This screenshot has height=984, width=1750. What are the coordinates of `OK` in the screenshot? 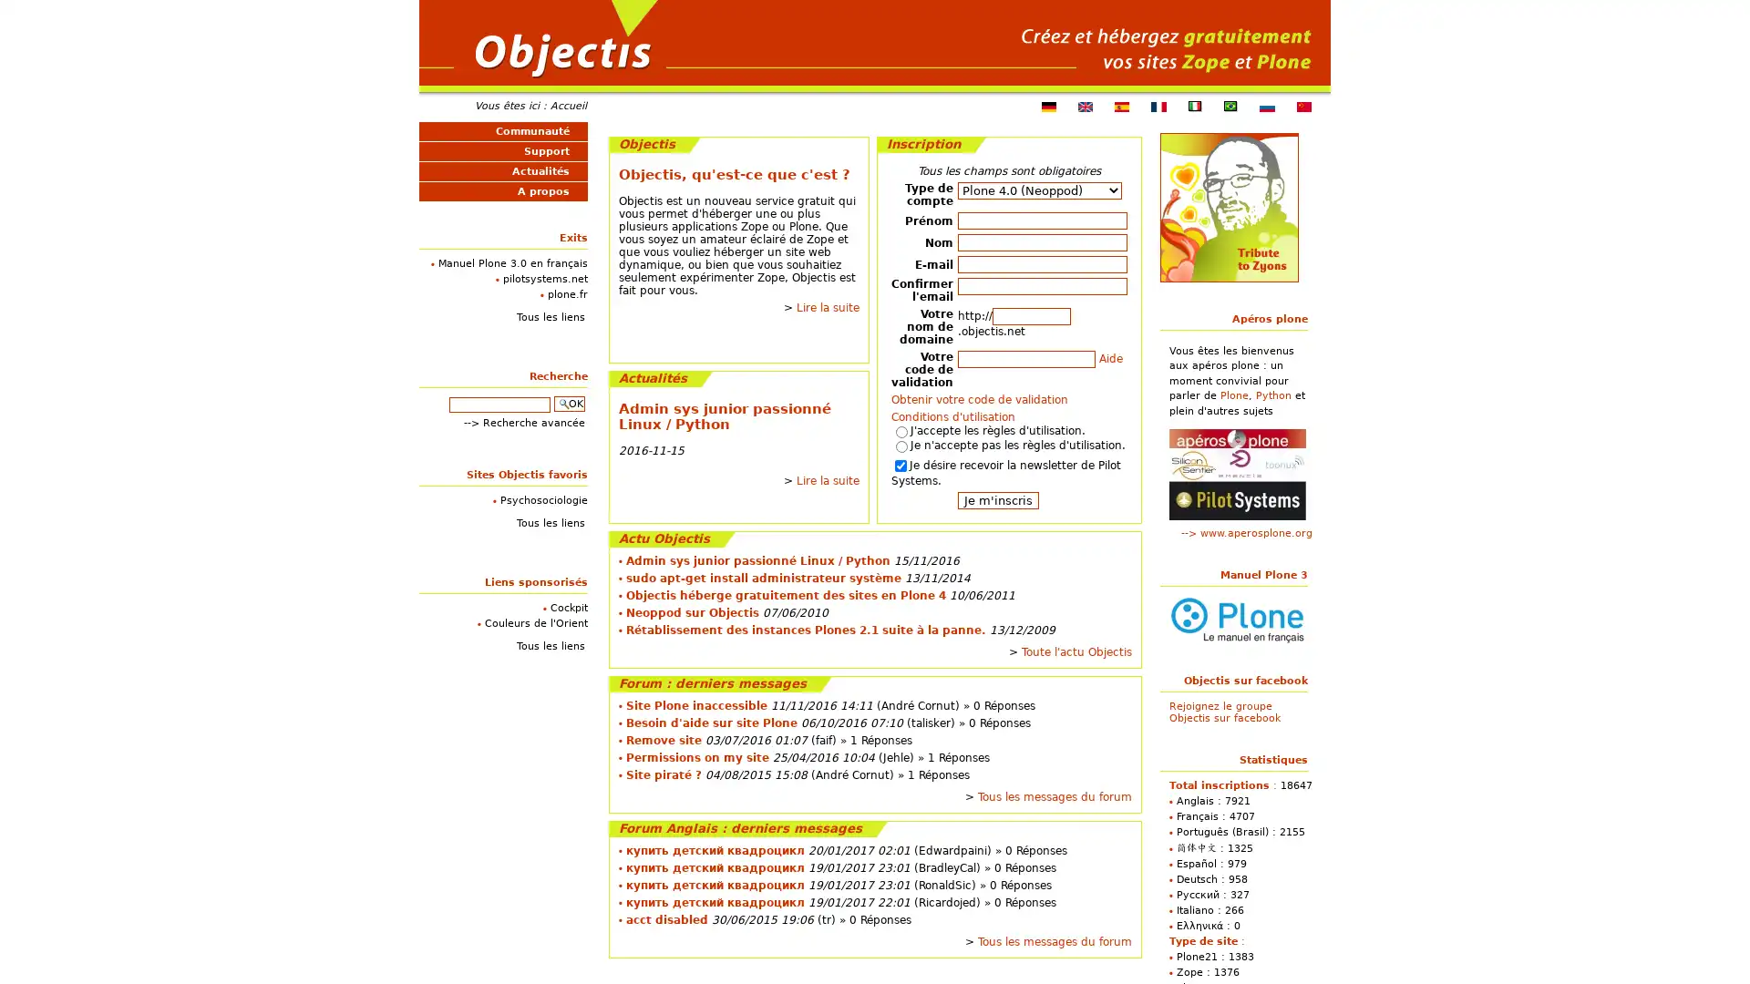 It's located at (568, 403).